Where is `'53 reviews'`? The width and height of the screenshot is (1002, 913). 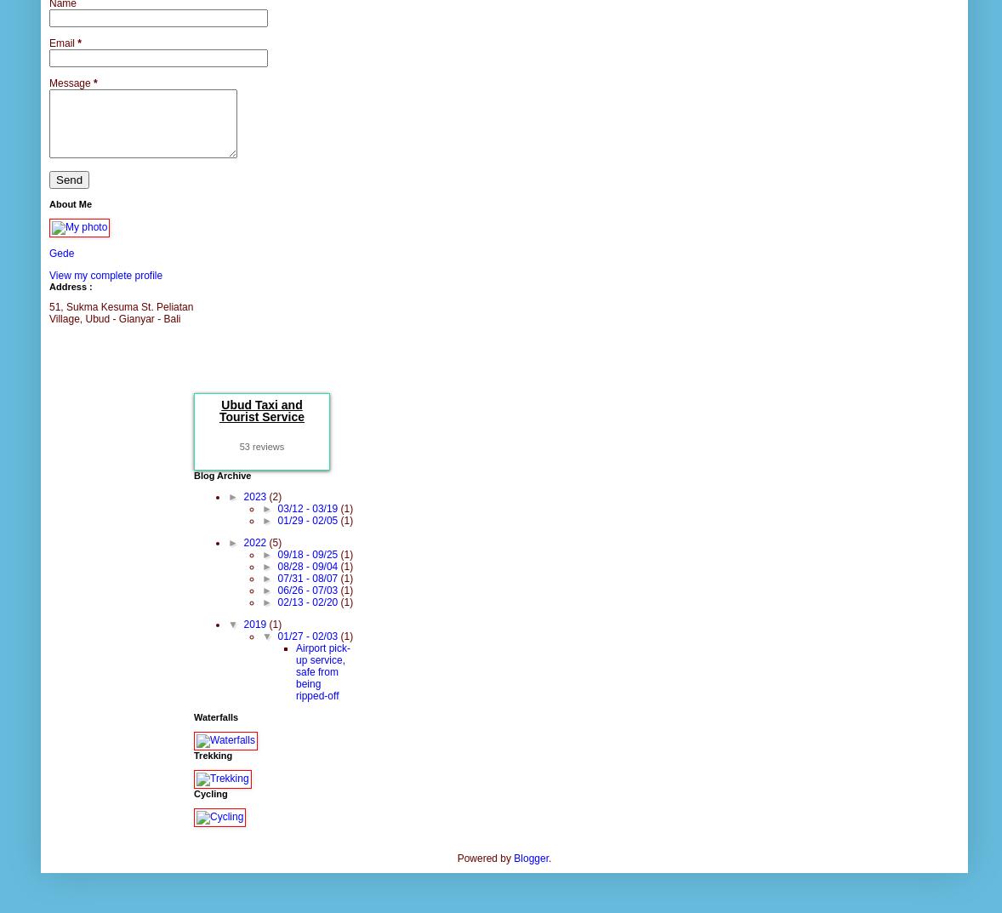 '53 reviews' is located at coordinates (261, 445).